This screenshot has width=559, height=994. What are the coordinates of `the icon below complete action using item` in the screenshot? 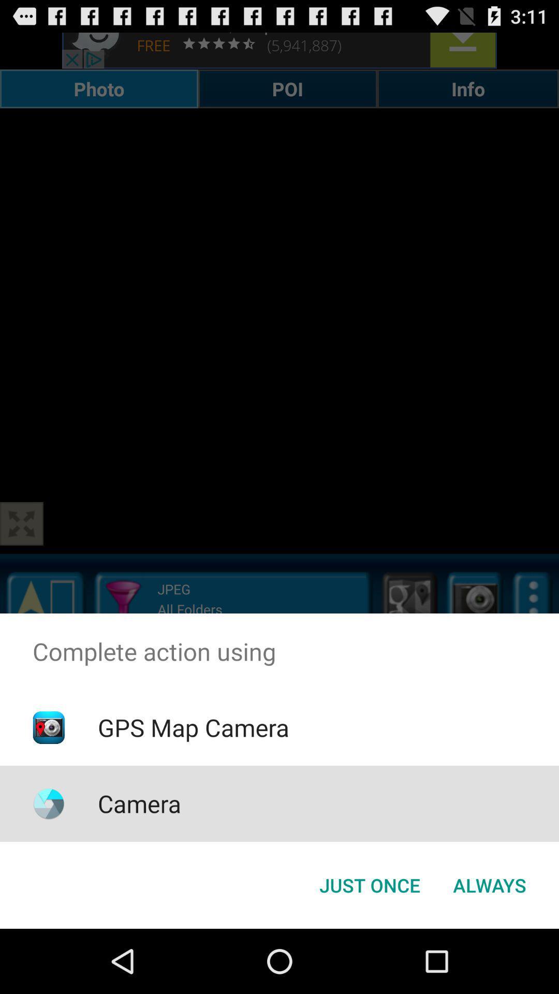 It's located at (193, 727).